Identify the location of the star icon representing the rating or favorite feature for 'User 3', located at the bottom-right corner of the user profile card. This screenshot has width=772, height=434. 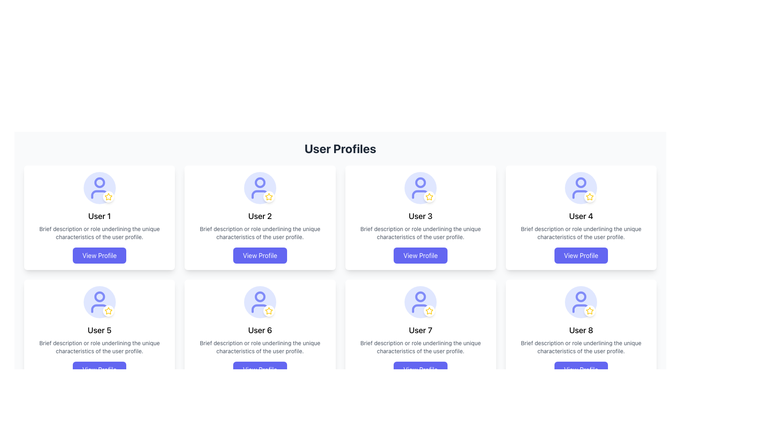
(429, 197).